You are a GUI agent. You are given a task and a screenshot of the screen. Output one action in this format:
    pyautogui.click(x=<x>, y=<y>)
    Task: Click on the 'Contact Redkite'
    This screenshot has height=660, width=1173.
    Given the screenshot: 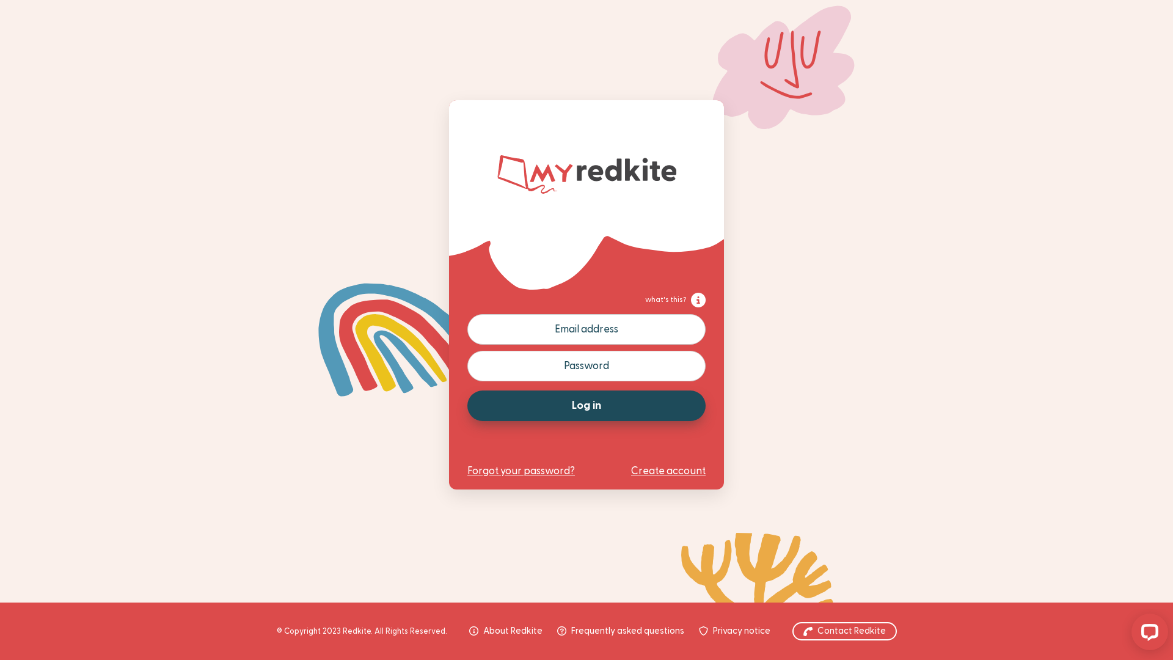 What is the action you would take?
    pyautogui.click(x=792, y=631)
    